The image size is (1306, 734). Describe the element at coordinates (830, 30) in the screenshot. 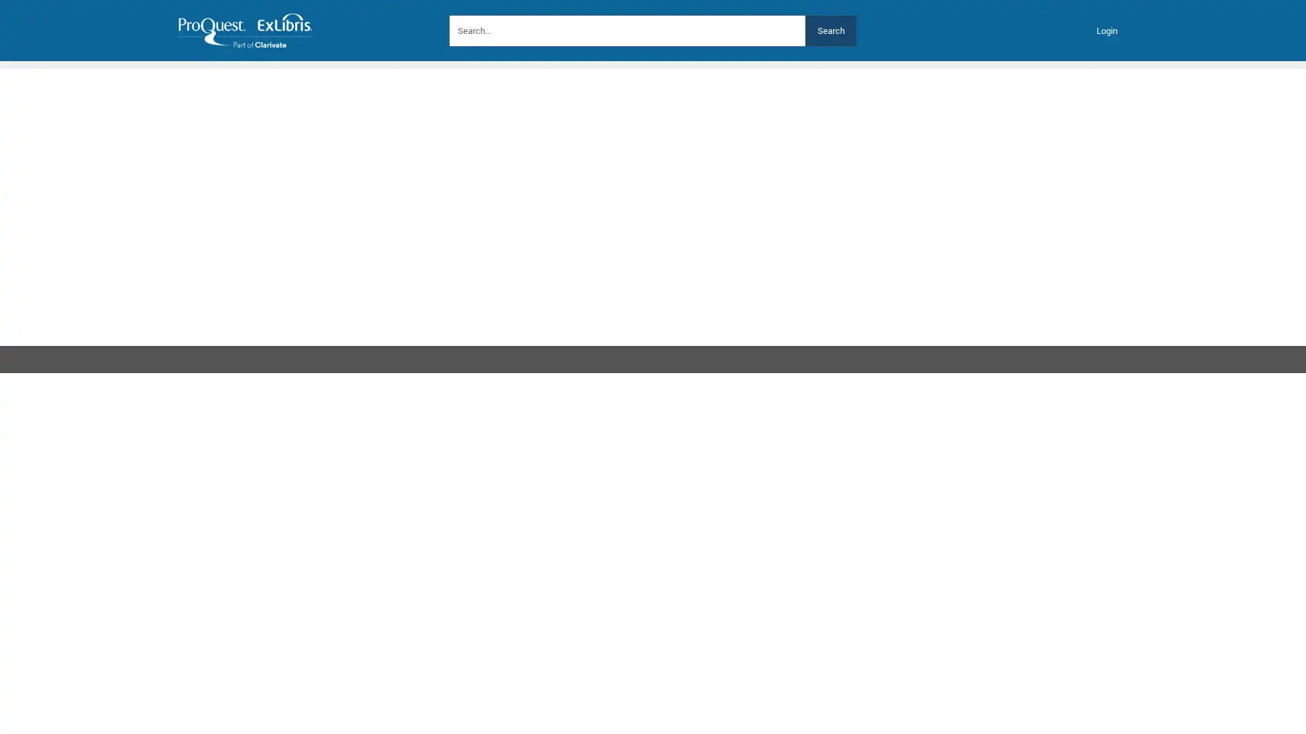

I see `Search` at that location.